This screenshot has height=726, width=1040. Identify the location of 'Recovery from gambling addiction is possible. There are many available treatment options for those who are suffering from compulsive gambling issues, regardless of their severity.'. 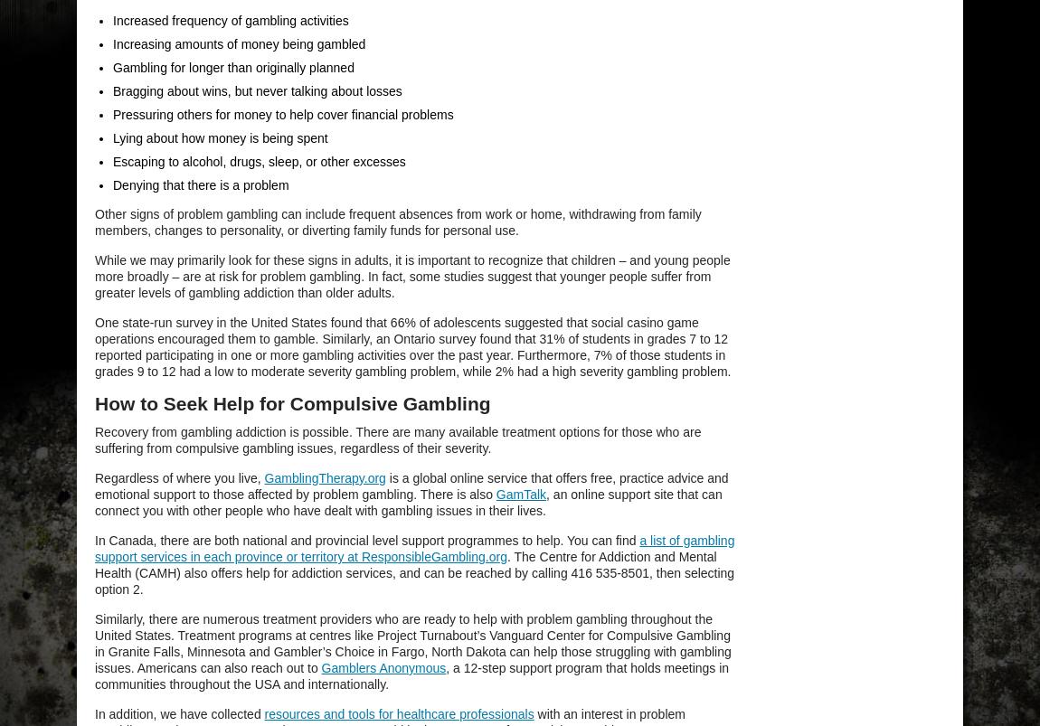
(397, 440).